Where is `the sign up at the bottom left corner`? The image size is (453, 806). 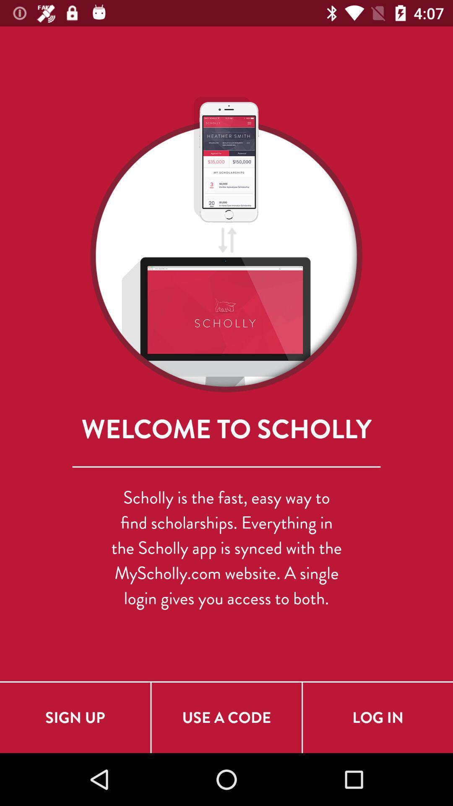
the sign up at the bottom left corner is located at coordinates (75, 717).